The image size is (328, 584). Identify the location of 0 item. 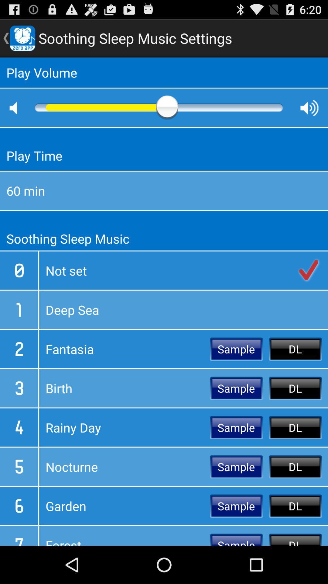
(19, 270).